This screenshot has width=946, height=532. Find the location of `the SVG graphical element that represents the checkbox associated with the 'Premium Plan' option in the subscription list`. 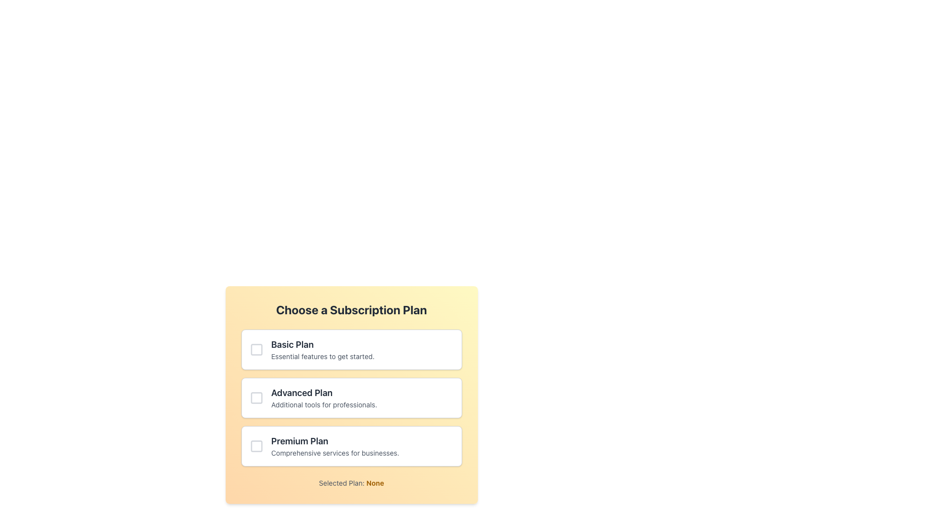

the SVG graphical element that represents the checkbox associated with the 'Premium Plan' option in the subscription list is located at coordinates (256, 446).